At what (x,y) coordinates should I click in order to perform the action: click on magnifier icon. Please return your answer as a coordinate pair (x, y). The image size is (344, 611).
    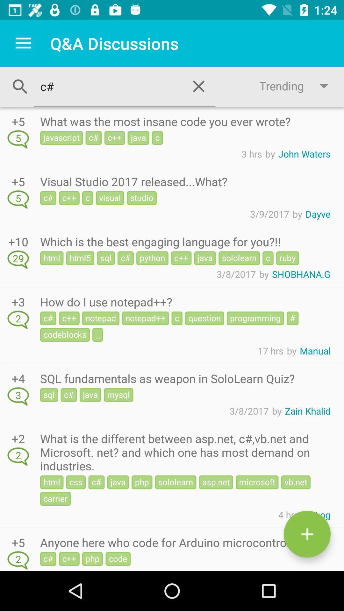
    Looking at the image, I should click on (20, 87).